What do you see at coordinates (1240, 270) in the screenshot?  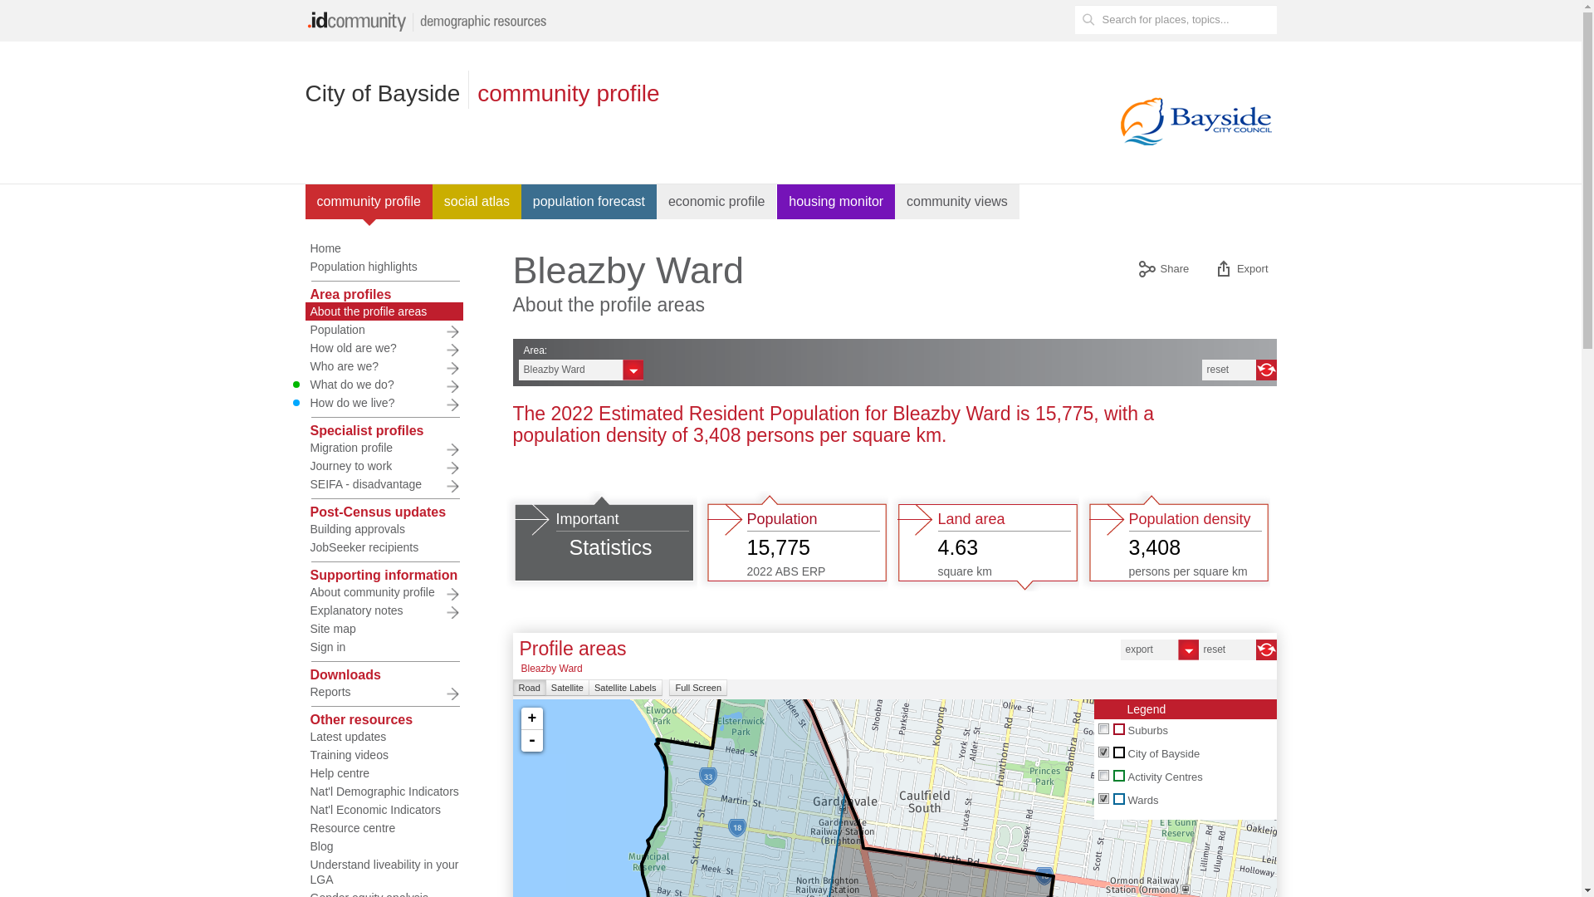 I see `'Export'` at bounding box center [1240, 270].